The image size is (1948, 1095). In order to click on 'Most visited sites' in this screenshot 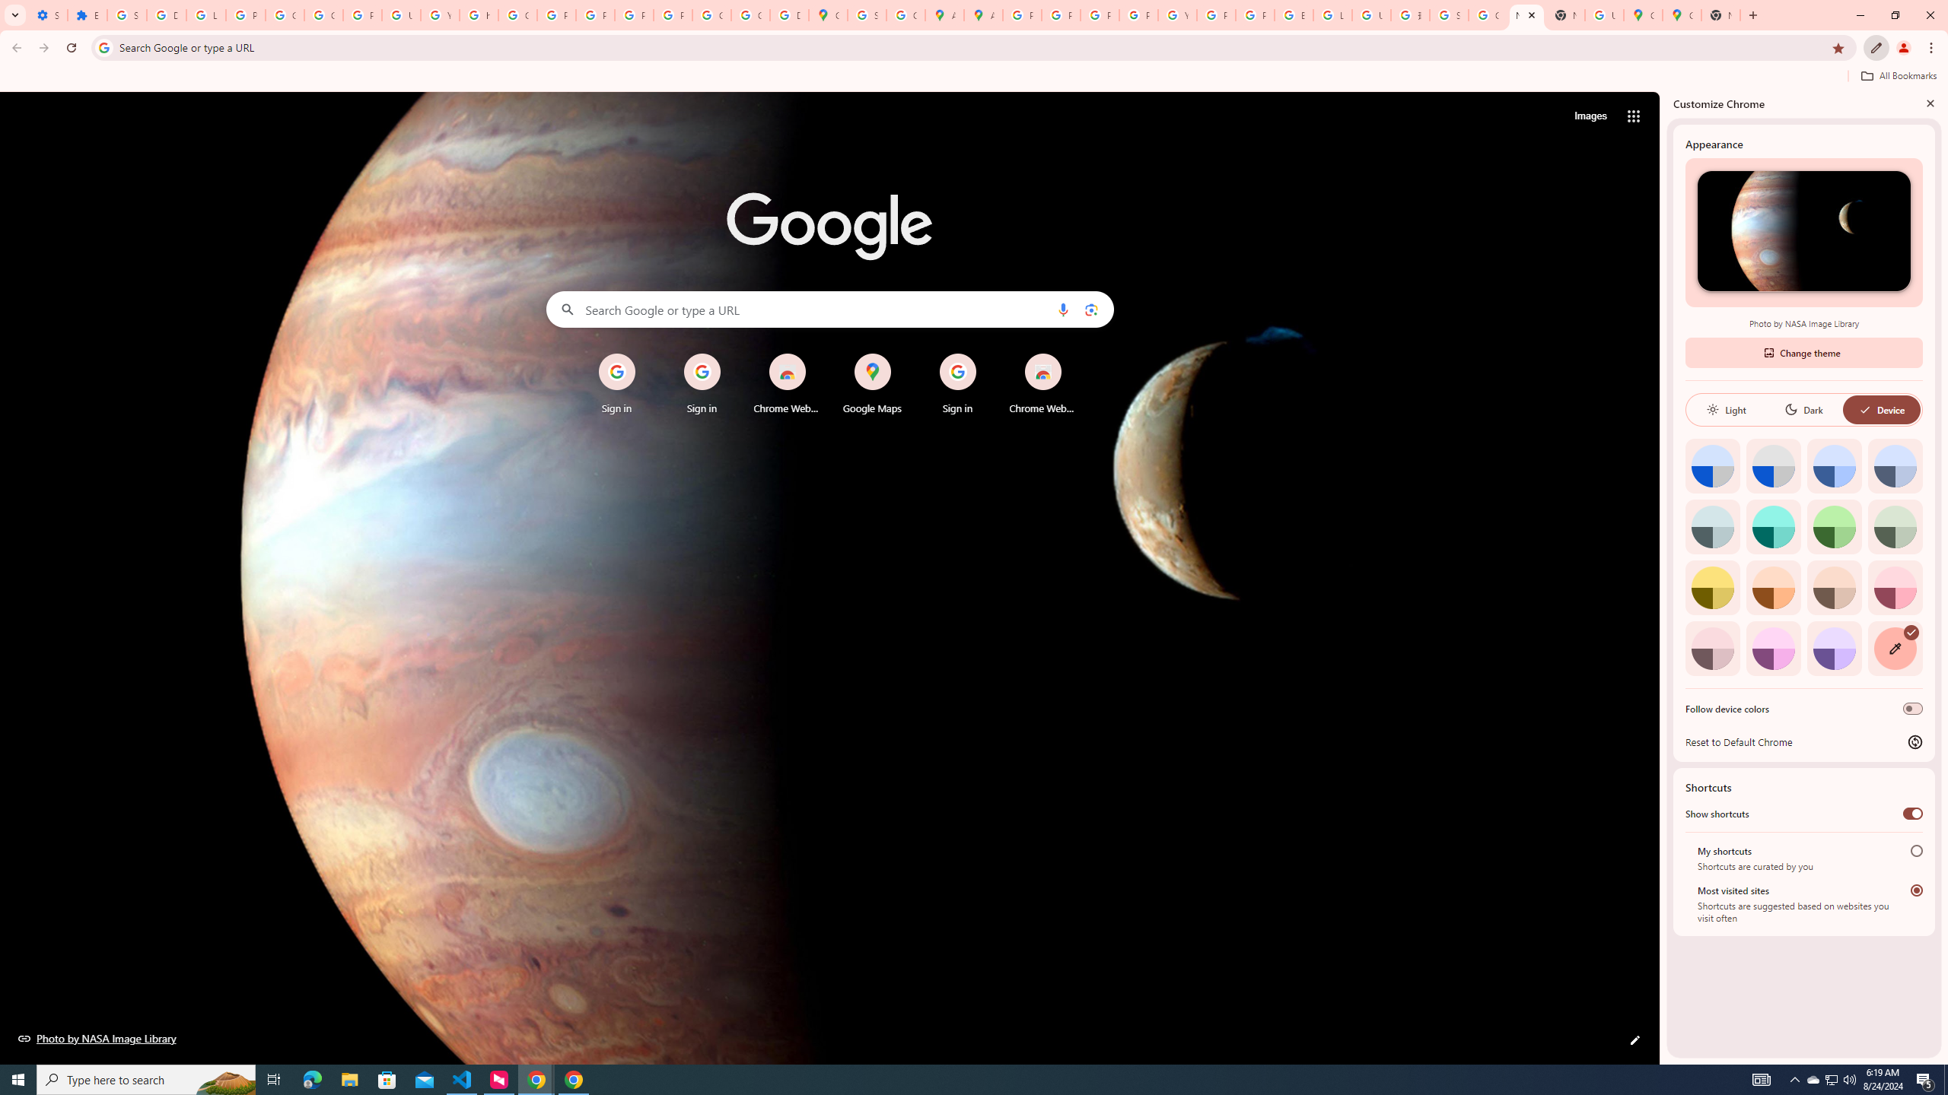, I will do `click(1917, 889)`.